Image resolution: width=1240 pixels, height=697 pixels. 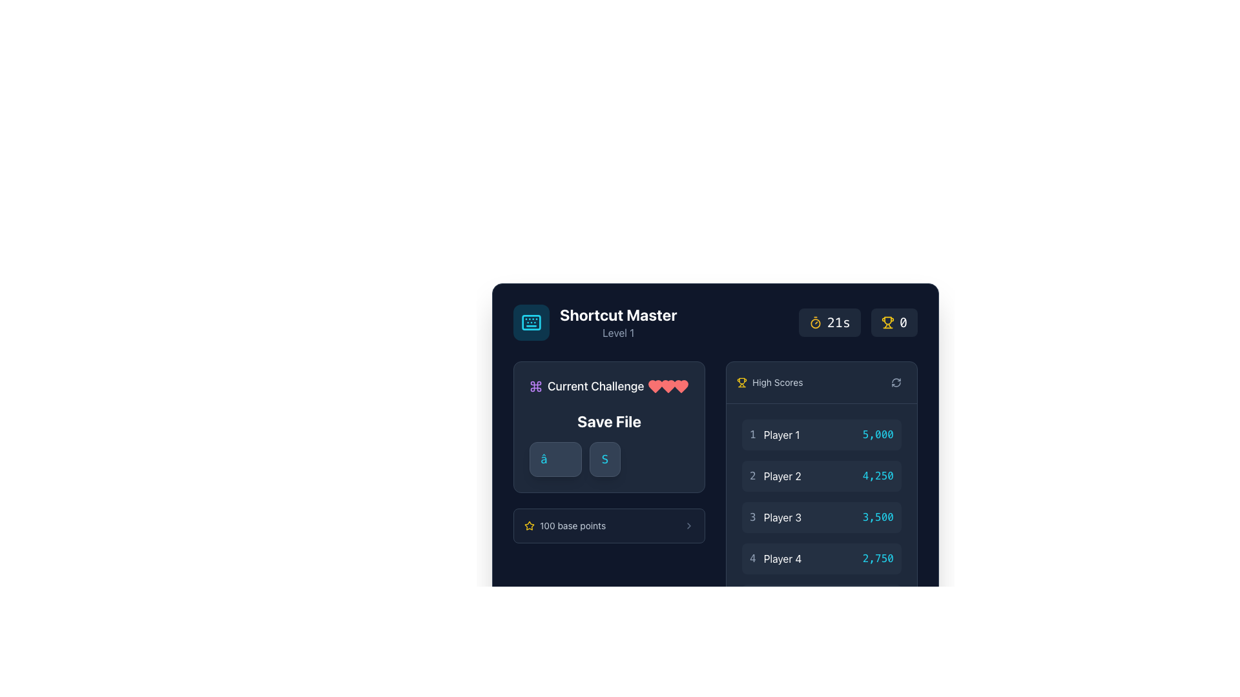 What do you see at coordinates (895, 382) in the screenshot?
I see `the icon button in the top right corner of the 'High Scores' section` at bounding box center [895, 382].